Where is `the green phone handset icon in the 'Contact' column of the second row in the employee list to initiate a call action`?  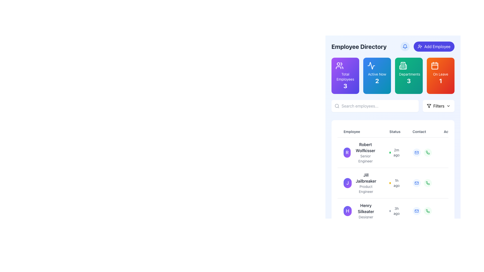
the green phone handset icon in the 'Contact' column of the second row in the employee list to initiate a call action is located at coordinates (427, 183).